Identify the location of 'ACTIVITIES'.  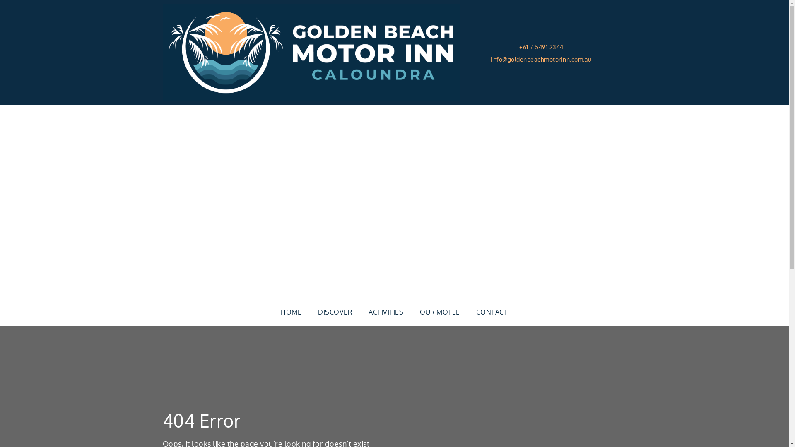
(360, 312).